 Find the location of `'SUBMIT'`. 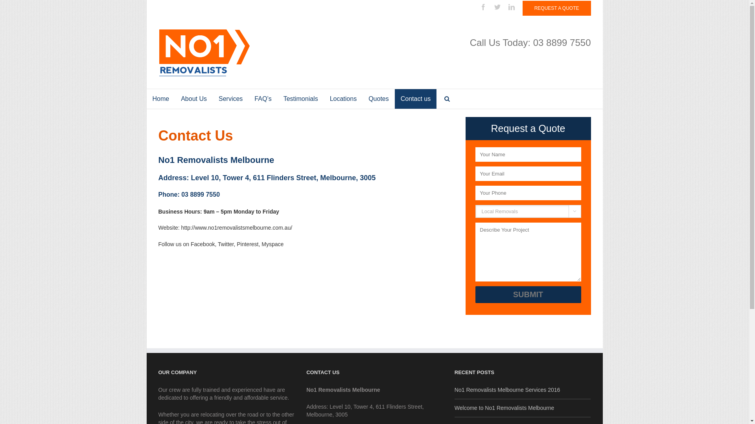

'SUBMIT' is located at coordinates (528, 294).